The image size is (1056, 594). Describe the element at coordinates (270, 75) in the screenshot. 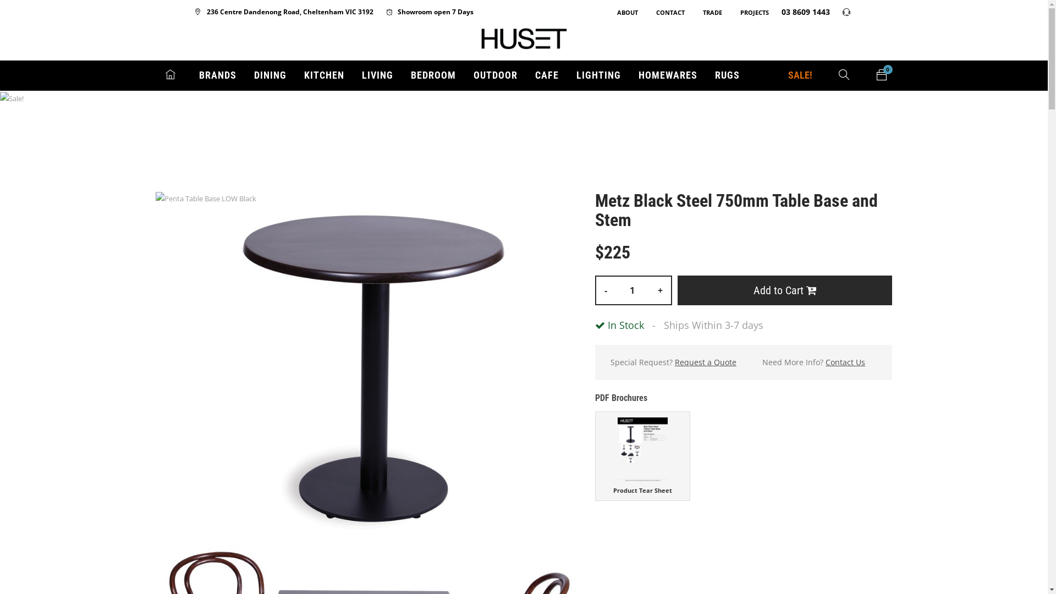

I see `'DINING'` at that location.